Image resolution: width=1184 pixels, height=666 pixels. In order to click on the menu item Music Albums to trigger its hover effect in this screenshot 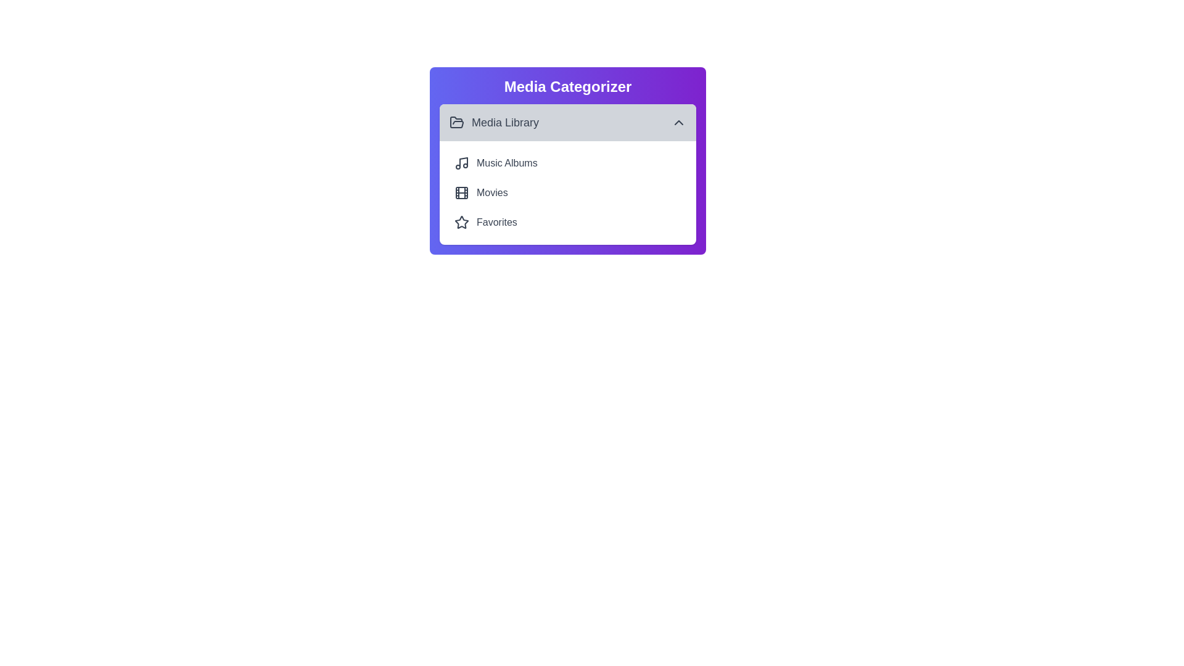, I will do `click(567, 163)`.